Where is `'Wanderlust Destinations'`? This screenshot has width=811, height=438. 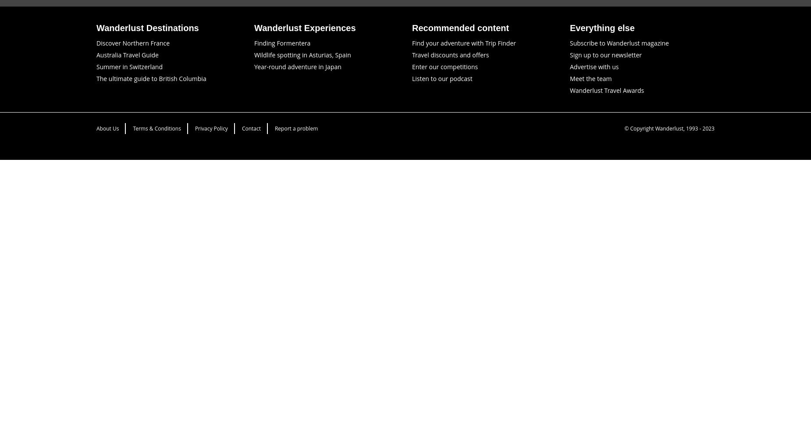
'Wanderlust Destinations' is located at coordinates (147, 27).